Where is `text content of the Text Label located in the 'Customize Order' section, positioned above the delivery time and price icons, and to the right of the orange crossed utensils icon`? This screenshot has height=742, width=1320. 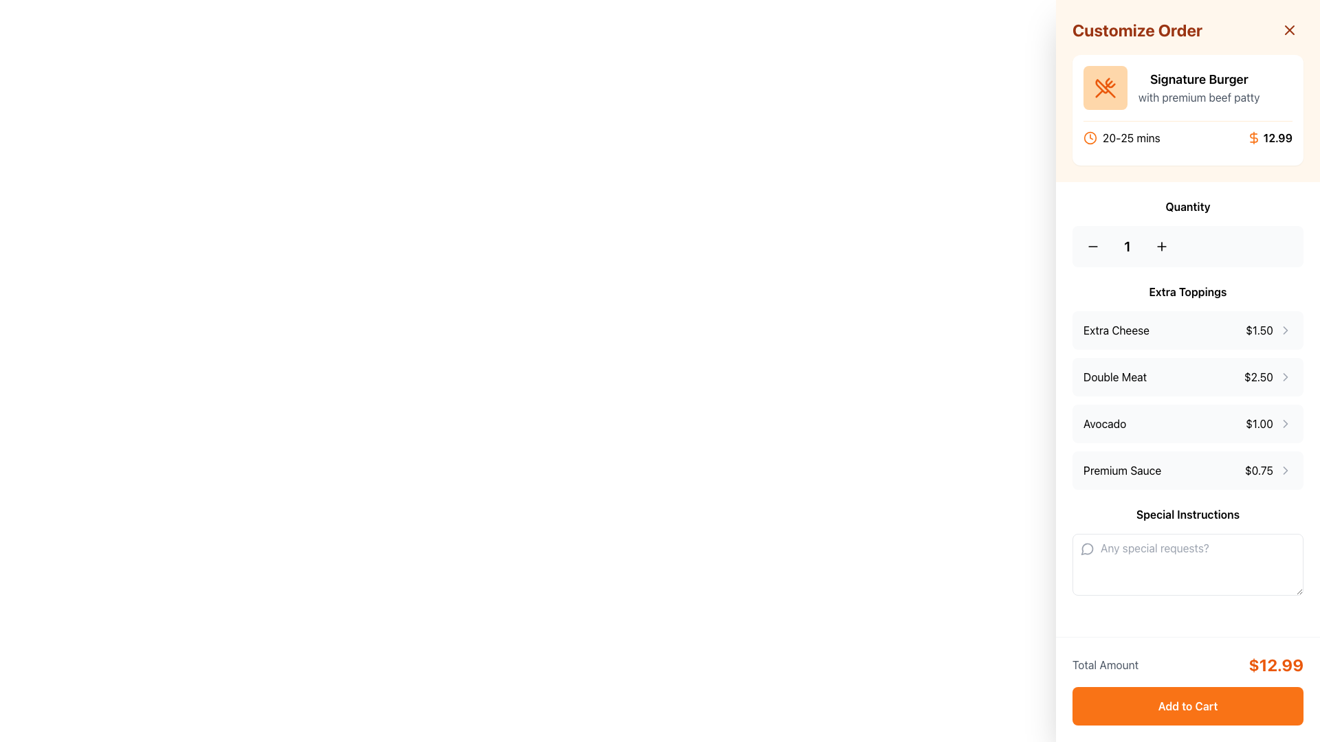
text content of the Text Label located in the 'Customize Order' section, positioned above the delivery time and price icons, and to the right of the orange crossed utensils icon is located at coordinates (1198, 87).